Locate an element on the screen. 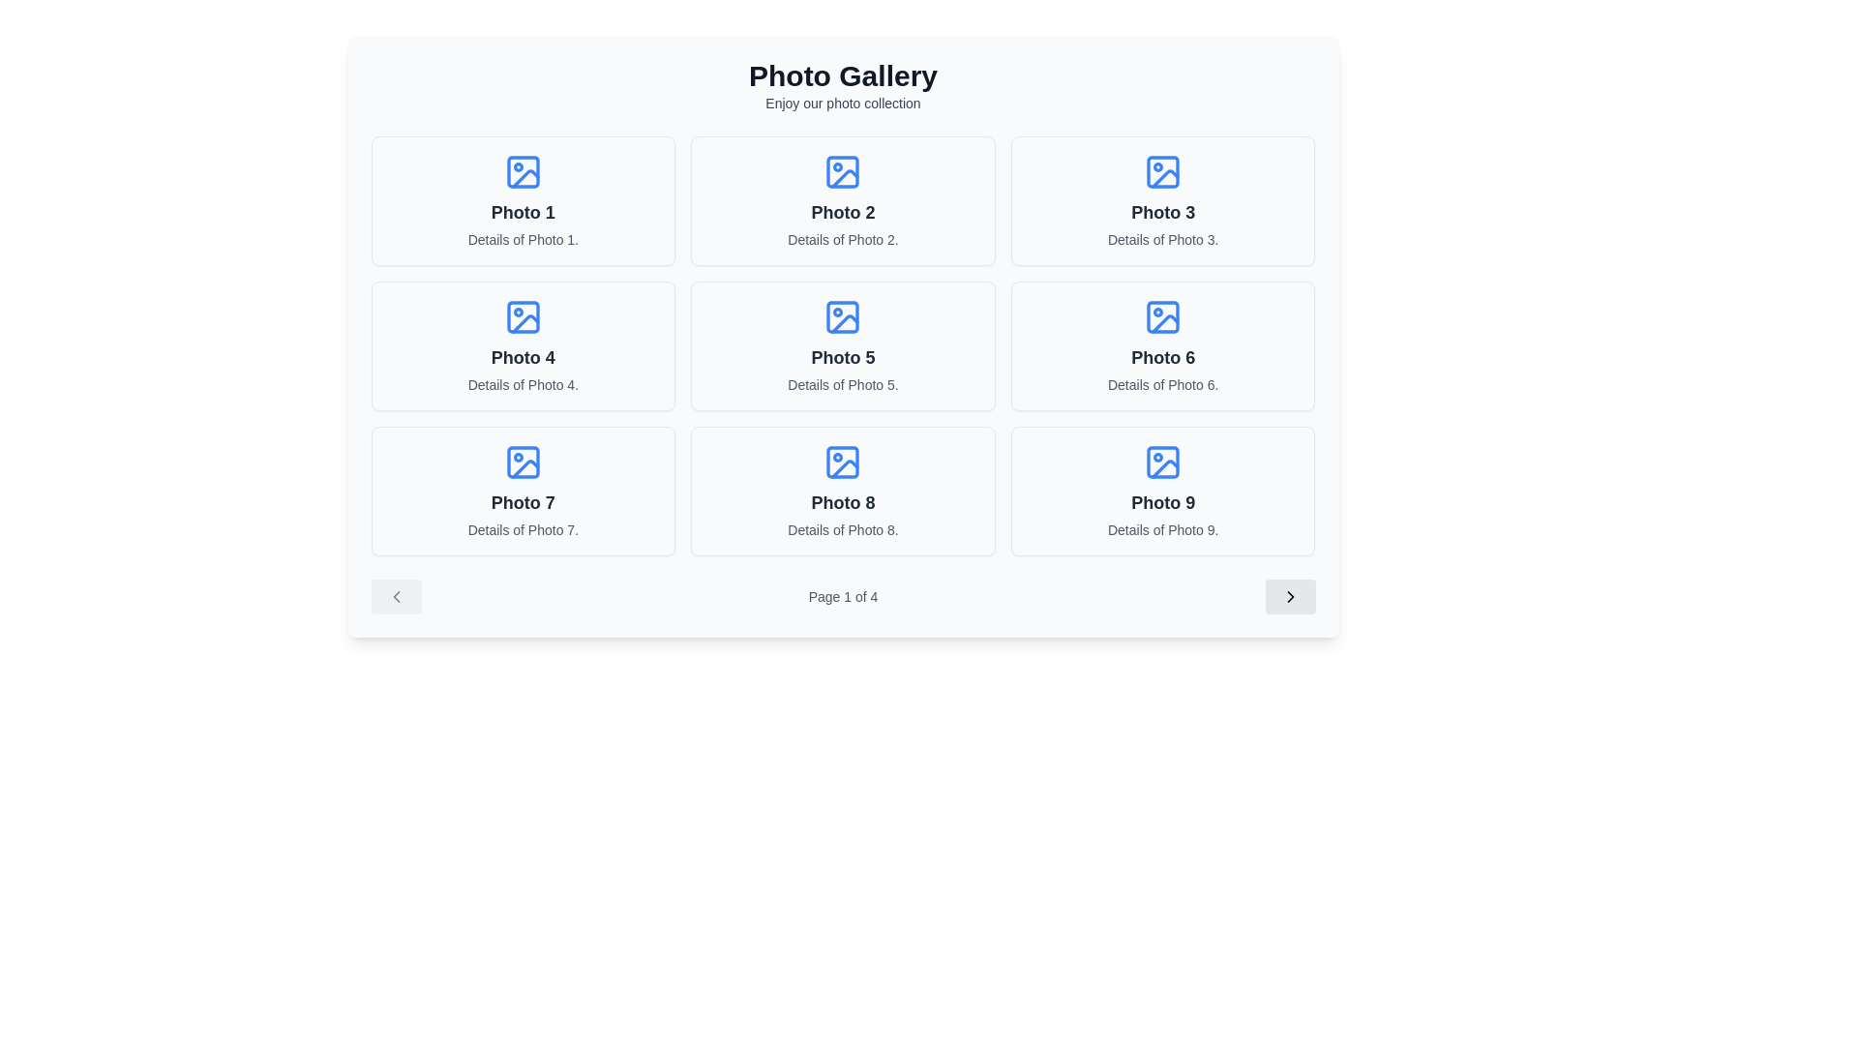  the Card component in the second row, first column of the grid layout that displays a photo with its title and description is located at coordinates (523, 345).